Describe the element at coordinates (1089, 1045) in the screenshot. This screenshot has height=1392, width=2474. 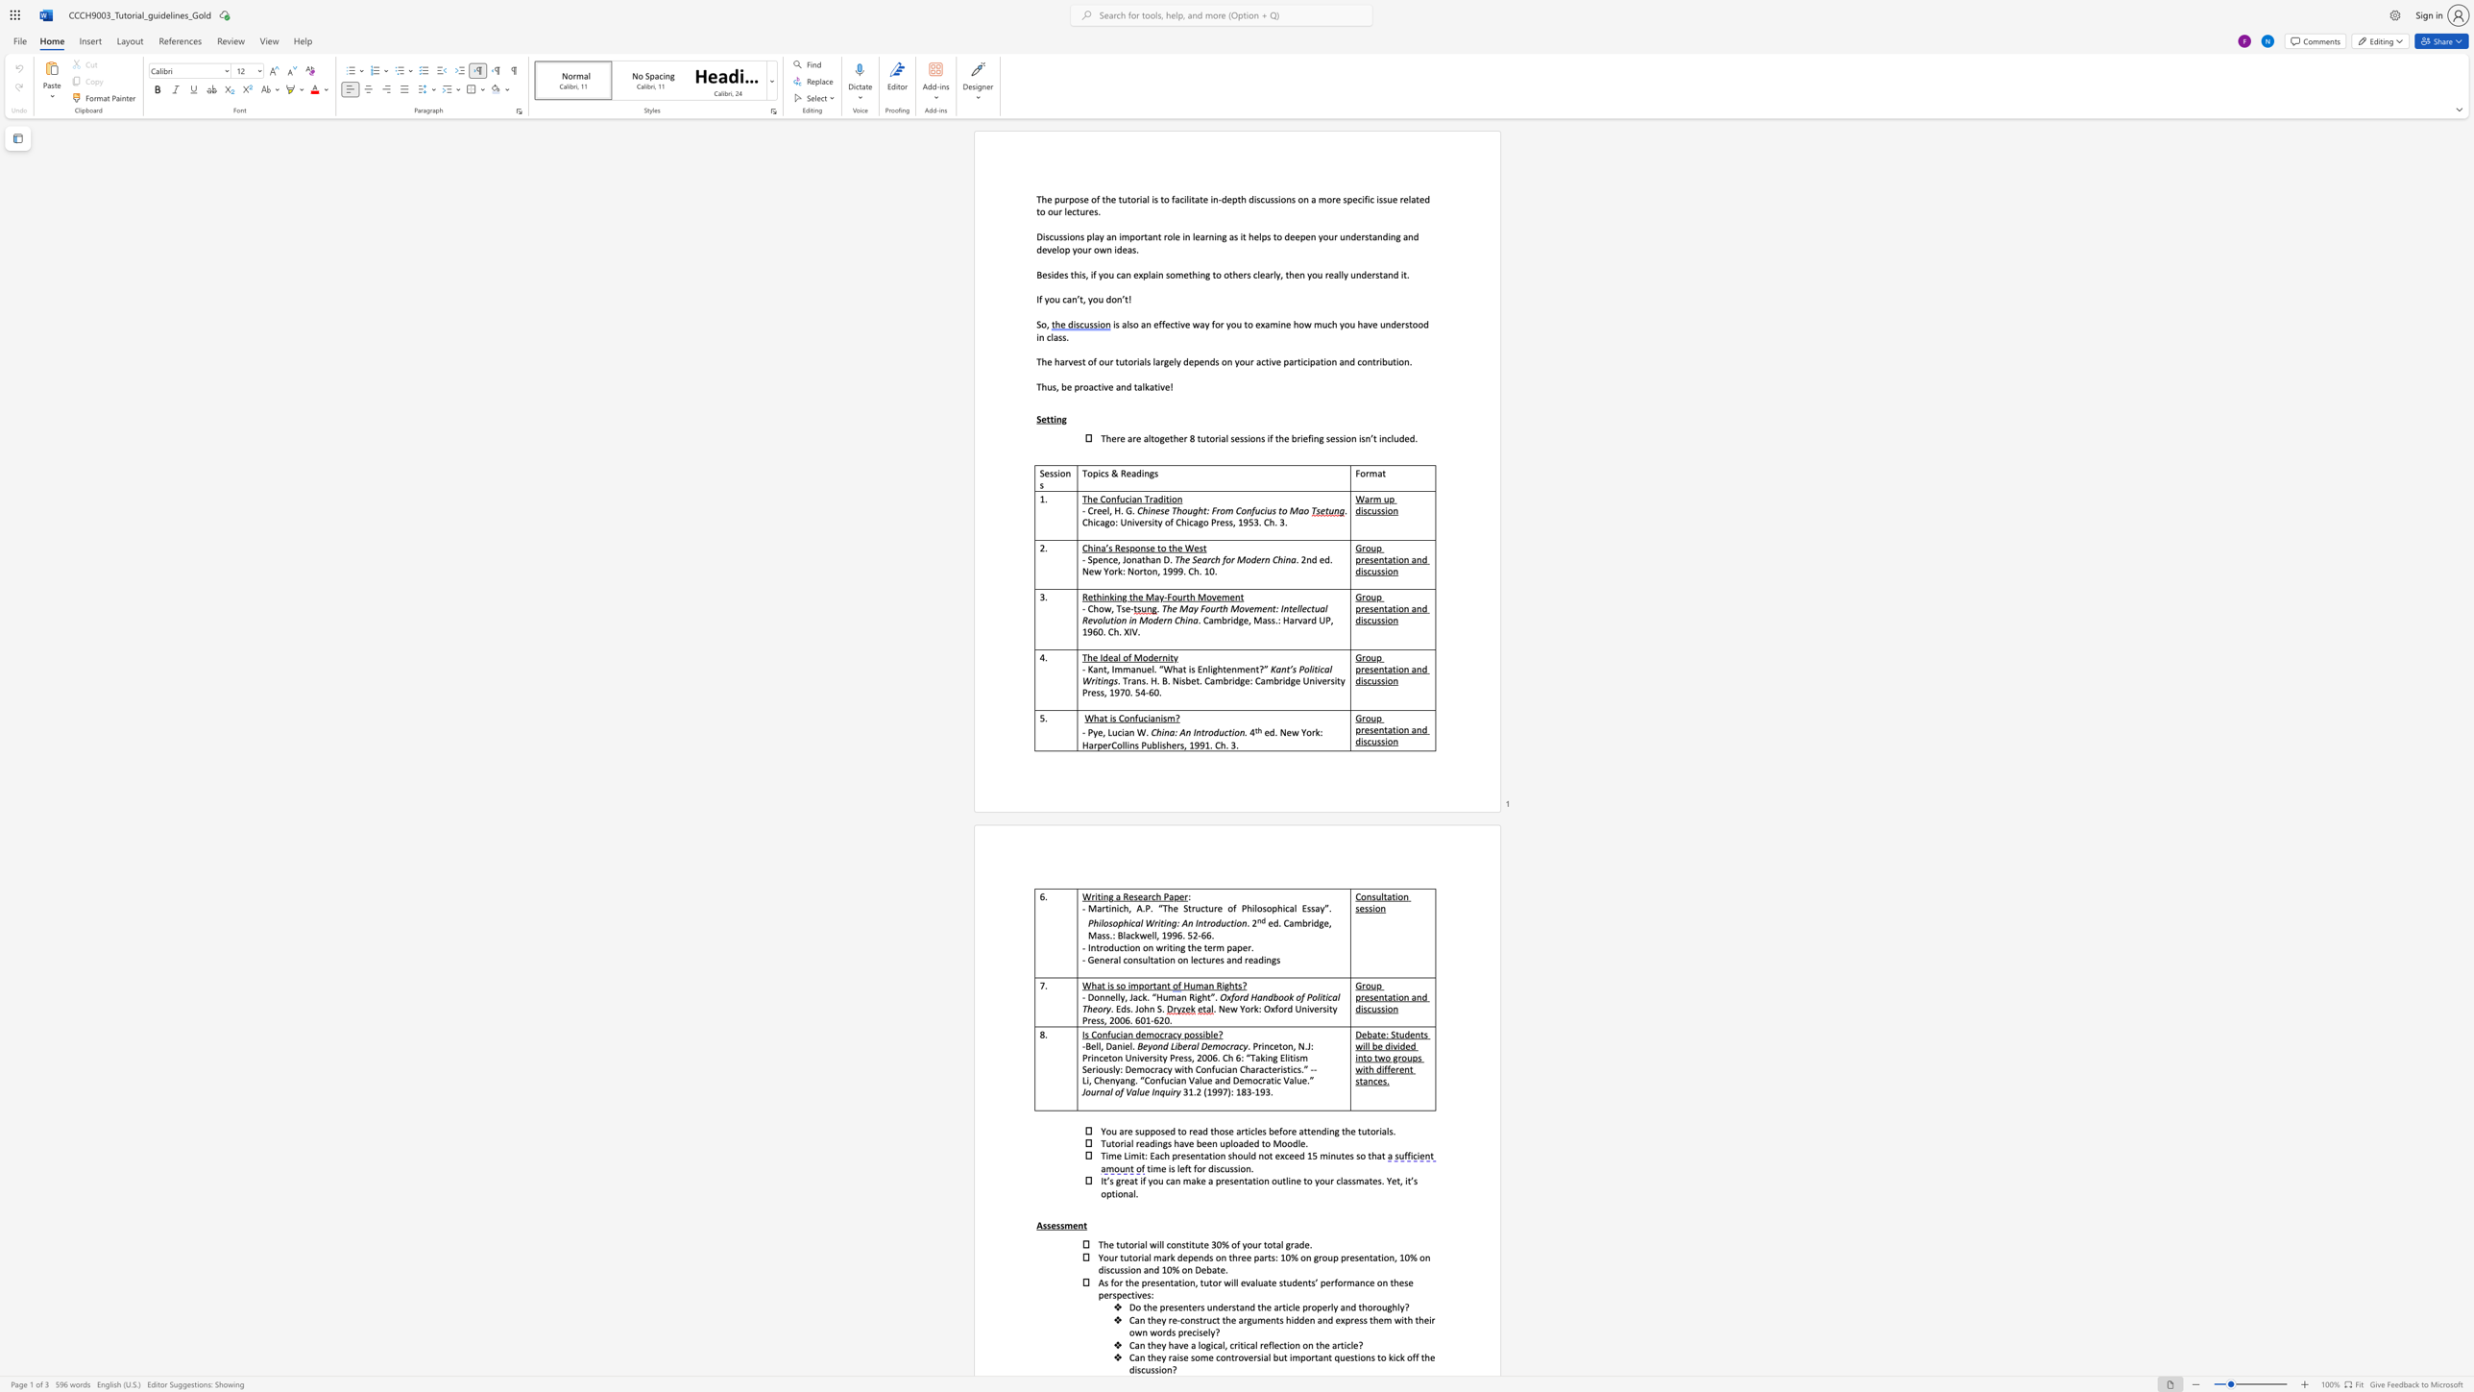
I see `the subset text "ell," within the text "-Bell, Daniel."` at that location.